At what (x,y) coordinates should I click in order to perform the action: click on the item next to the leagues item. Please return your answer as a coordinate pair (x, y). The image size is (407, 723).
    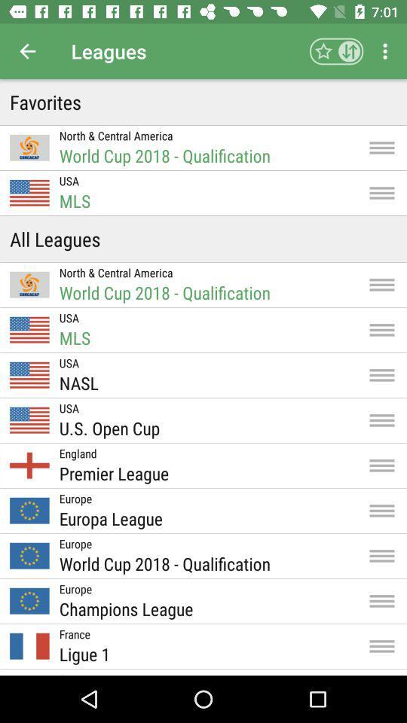
    Looking at the image, I should click on (336, 51).